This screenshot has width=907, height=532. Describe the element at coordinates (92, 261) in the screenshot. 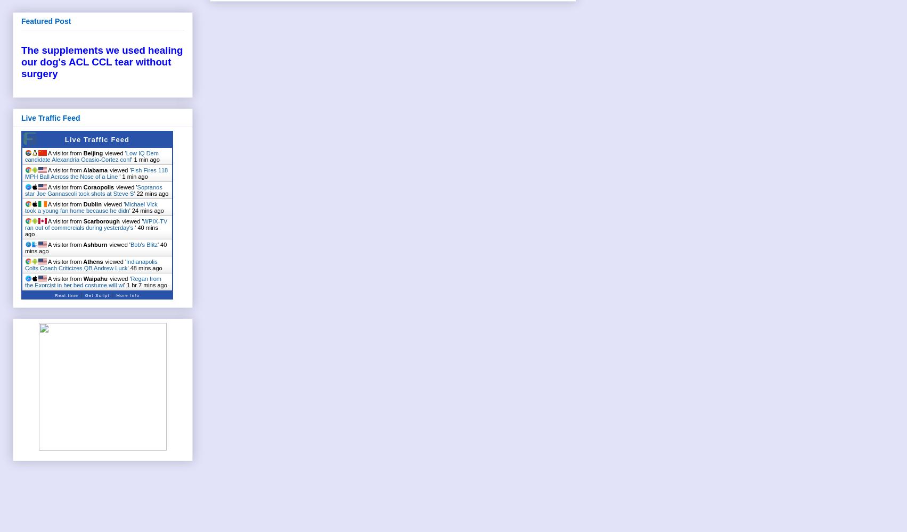

I see `'Athens'` at that location.